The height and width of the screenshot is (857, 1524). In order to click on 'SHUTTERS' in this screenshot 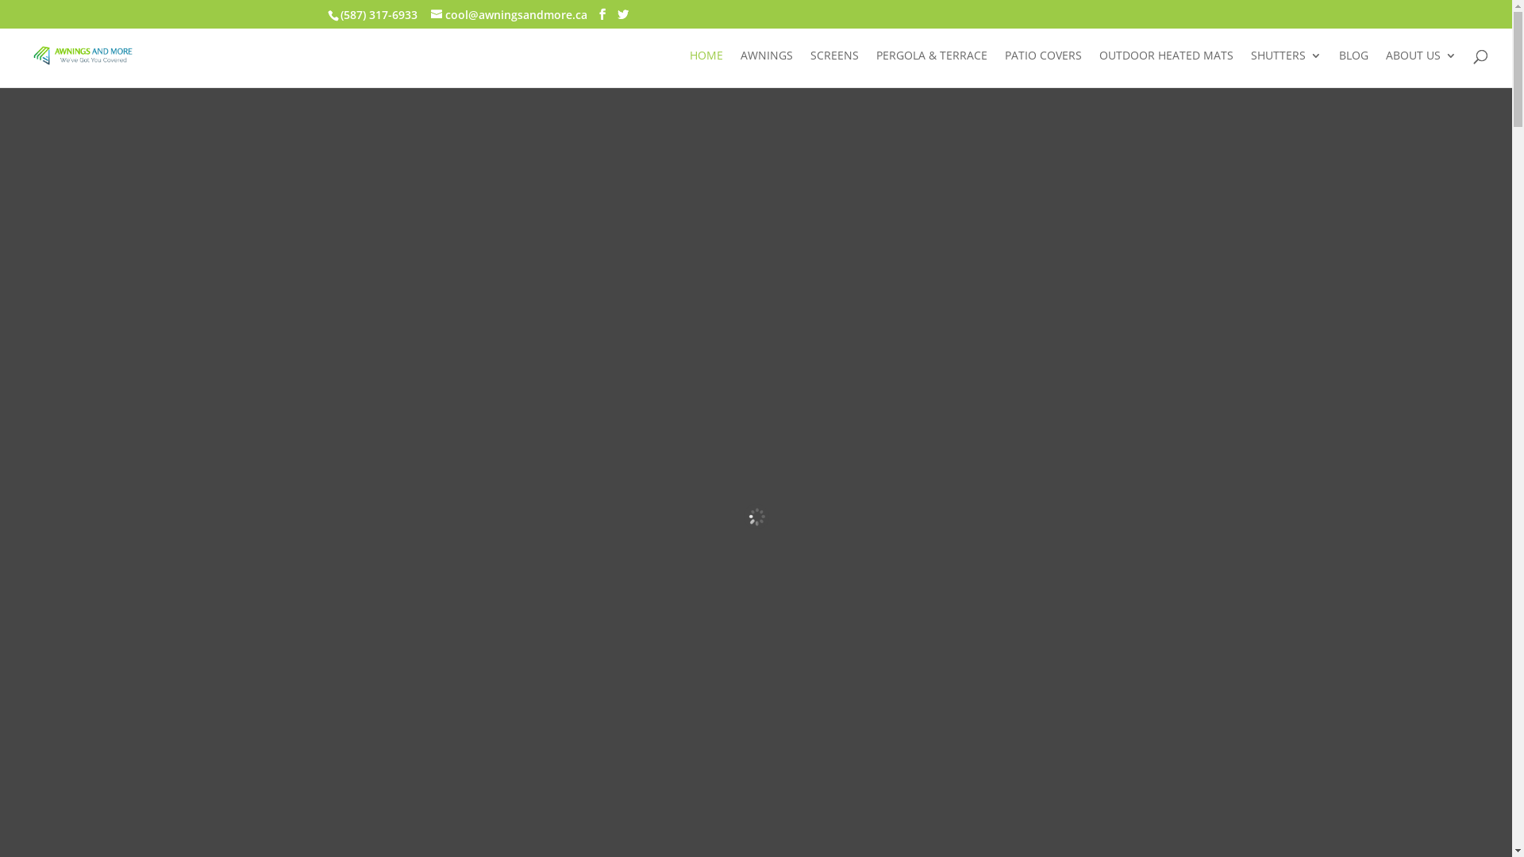, I will do `click(1286, 67)`.